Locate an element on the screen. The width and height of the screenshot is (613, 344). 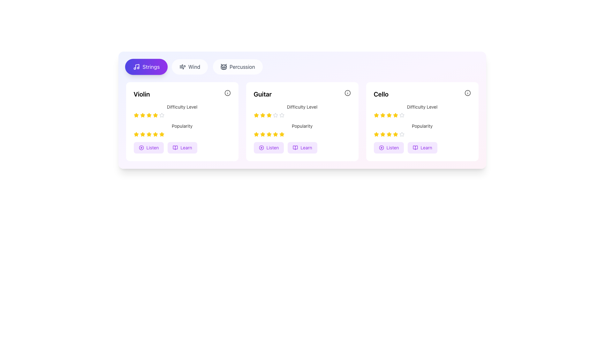
the fourth yellow star-shaped rating icon in the 'Difficulty Level' row of the 'Cello' card to trigger hover effects is located at coordinates (395, 115).